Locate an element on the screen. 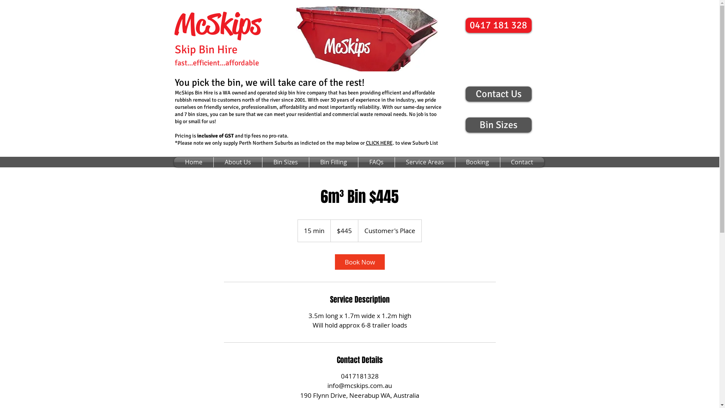 The image size is (725, 408). 'Bin Sizes' is located at coordinates (285, 162).